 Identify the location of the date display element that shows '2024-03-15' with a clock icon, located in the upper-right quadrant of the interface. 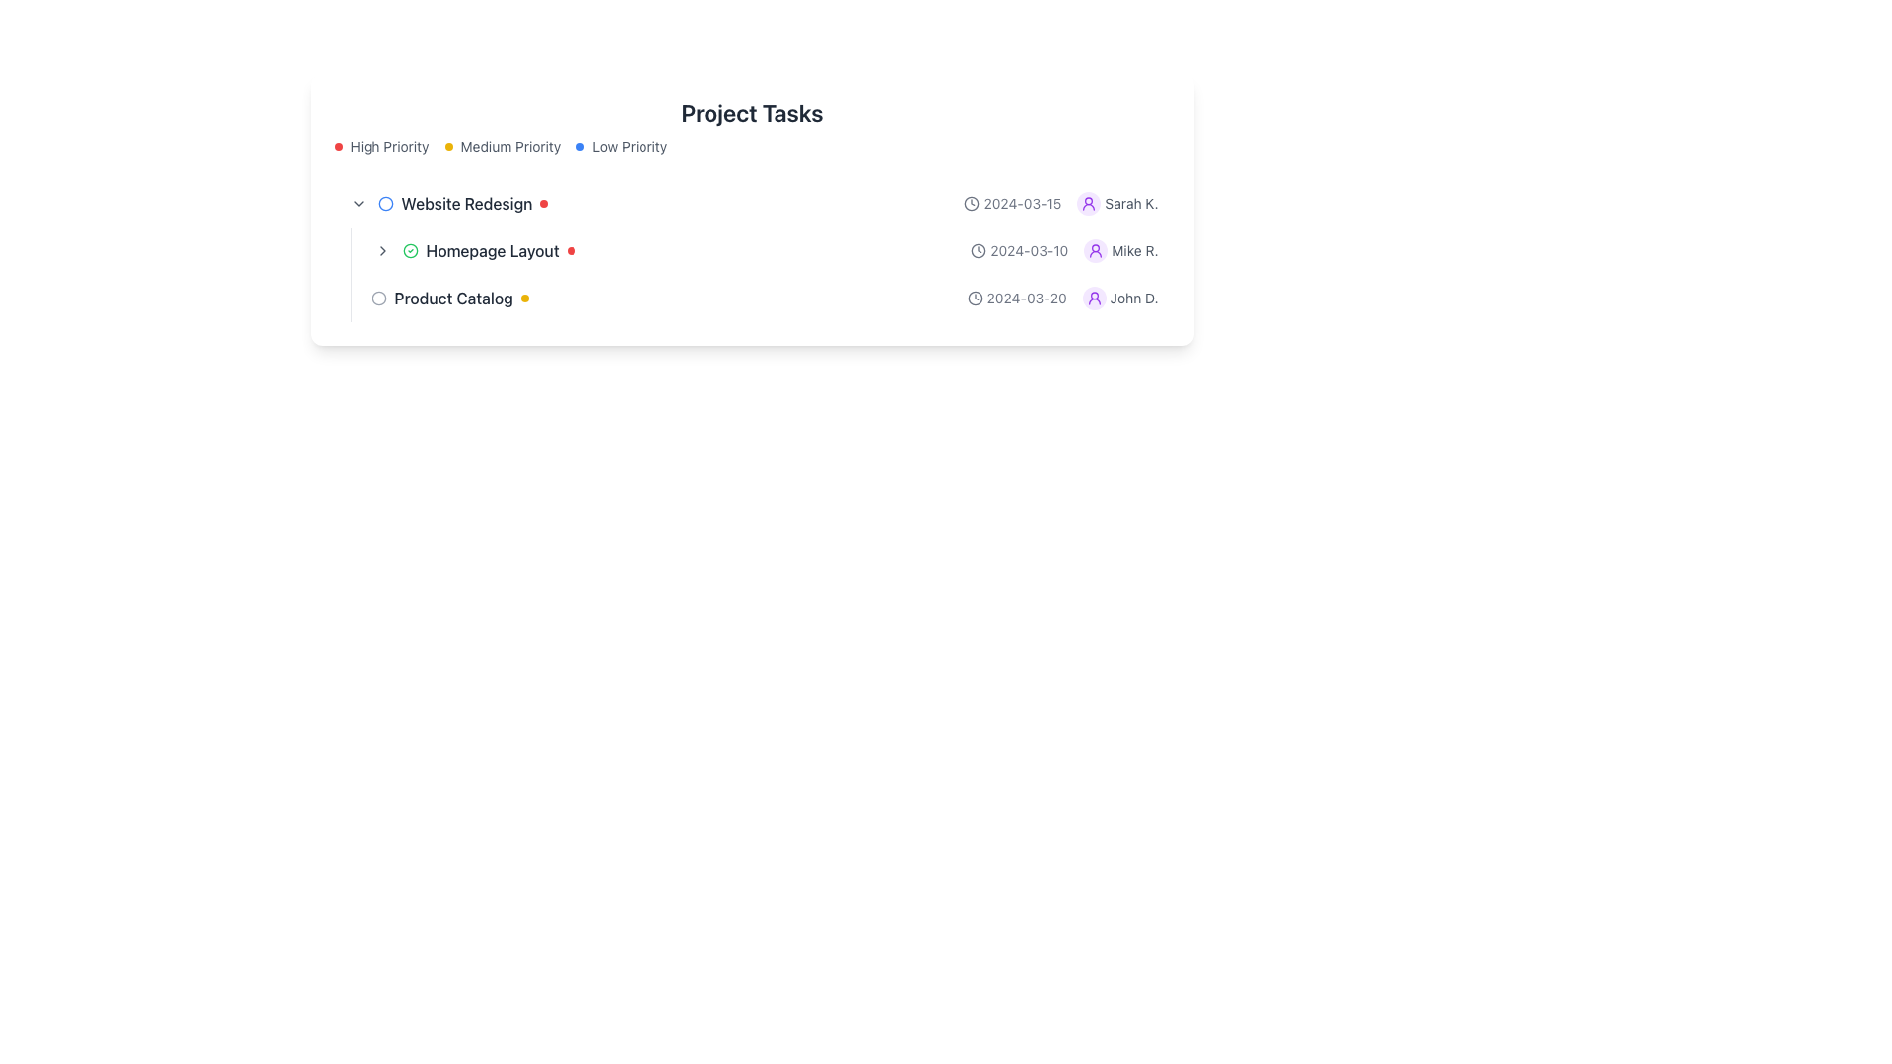
(1012, 204).